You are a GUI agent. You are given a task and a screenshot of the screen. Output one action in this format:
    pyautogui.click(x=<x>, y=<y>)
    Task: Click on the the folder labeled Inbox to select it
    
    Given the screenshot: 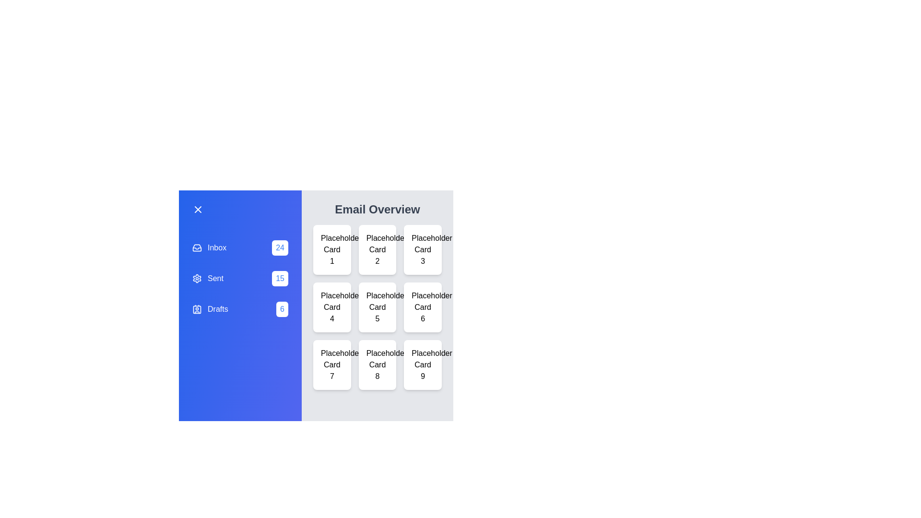 What is the action you would take?
    pyautogui.click(x=240, y=247)
    